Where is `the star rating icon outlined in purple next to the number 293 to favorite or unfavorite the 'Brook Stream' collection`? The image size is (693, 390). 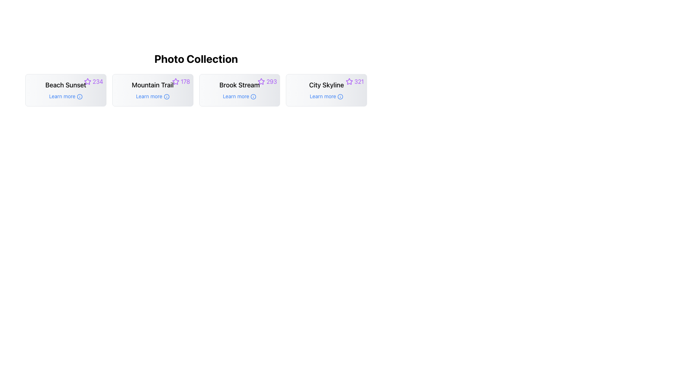
the star rating icon outlined in purple next to the number 293 to favorite or unfavorite the 'Brook Stream' collection is located at coordinates (261, 81).